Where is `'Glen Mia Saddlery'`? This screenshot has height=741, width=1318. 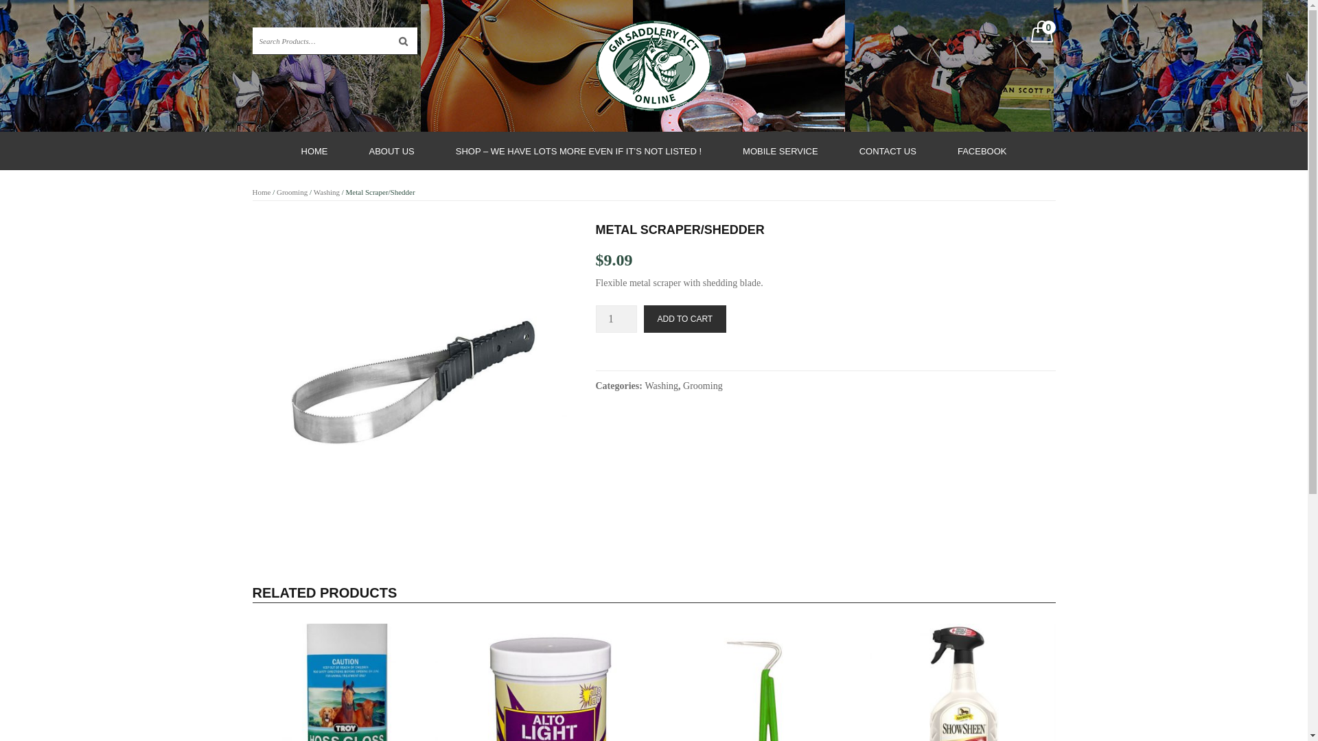
'Glen Mia Saddlery' is located at coordinates (653, 64).